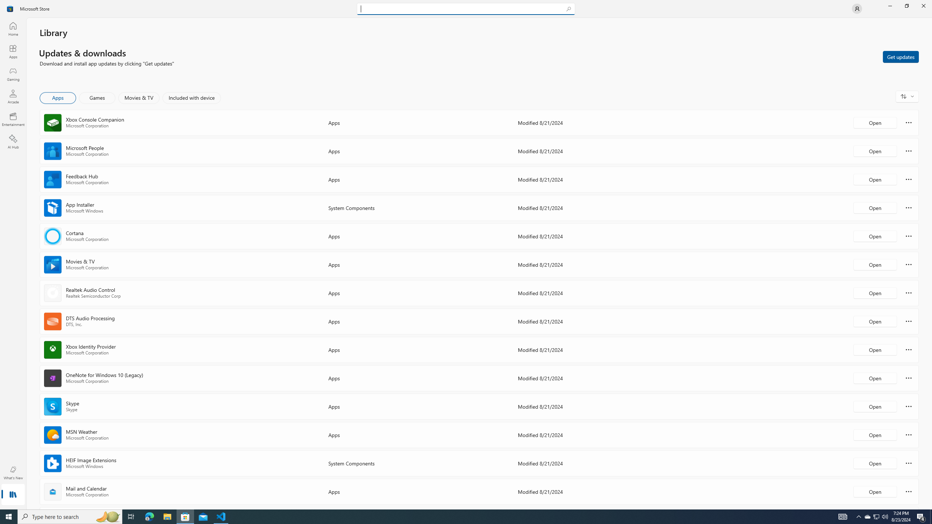  I want to click on 'AI Hub', so click(12, 141).